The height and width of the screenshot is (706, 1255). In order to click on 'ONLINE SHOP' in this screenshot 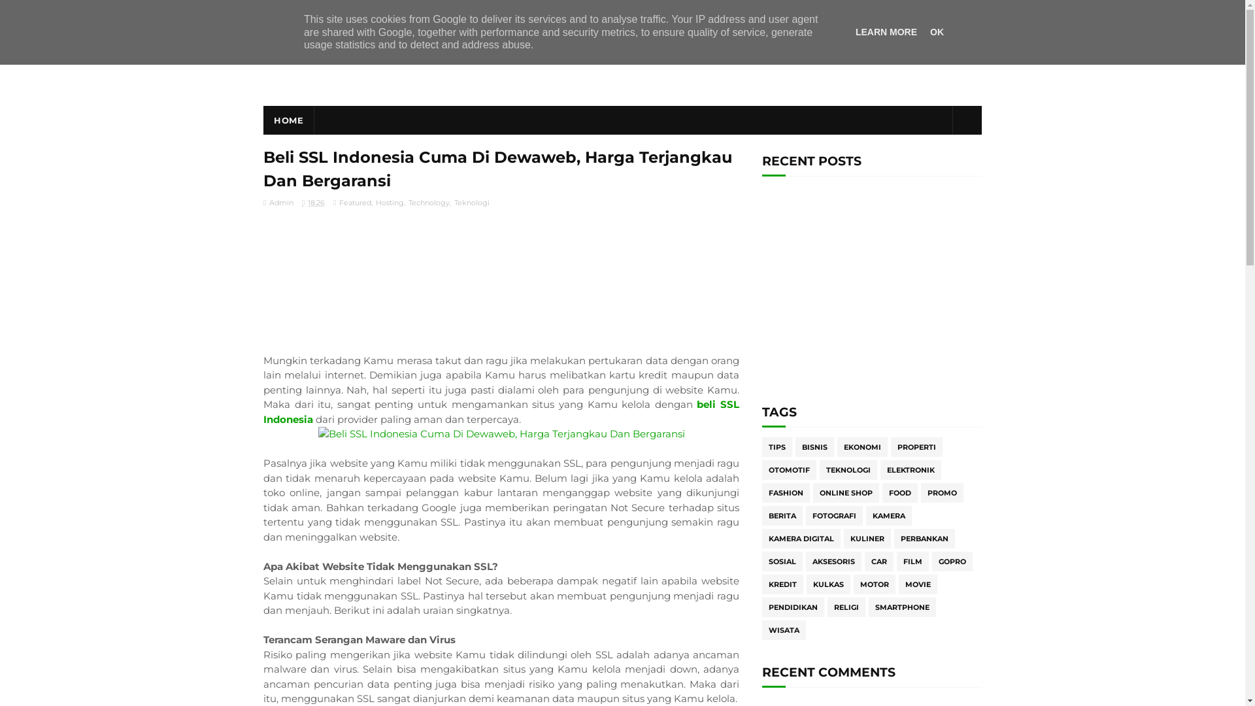, I will do `click(846, 492)`.